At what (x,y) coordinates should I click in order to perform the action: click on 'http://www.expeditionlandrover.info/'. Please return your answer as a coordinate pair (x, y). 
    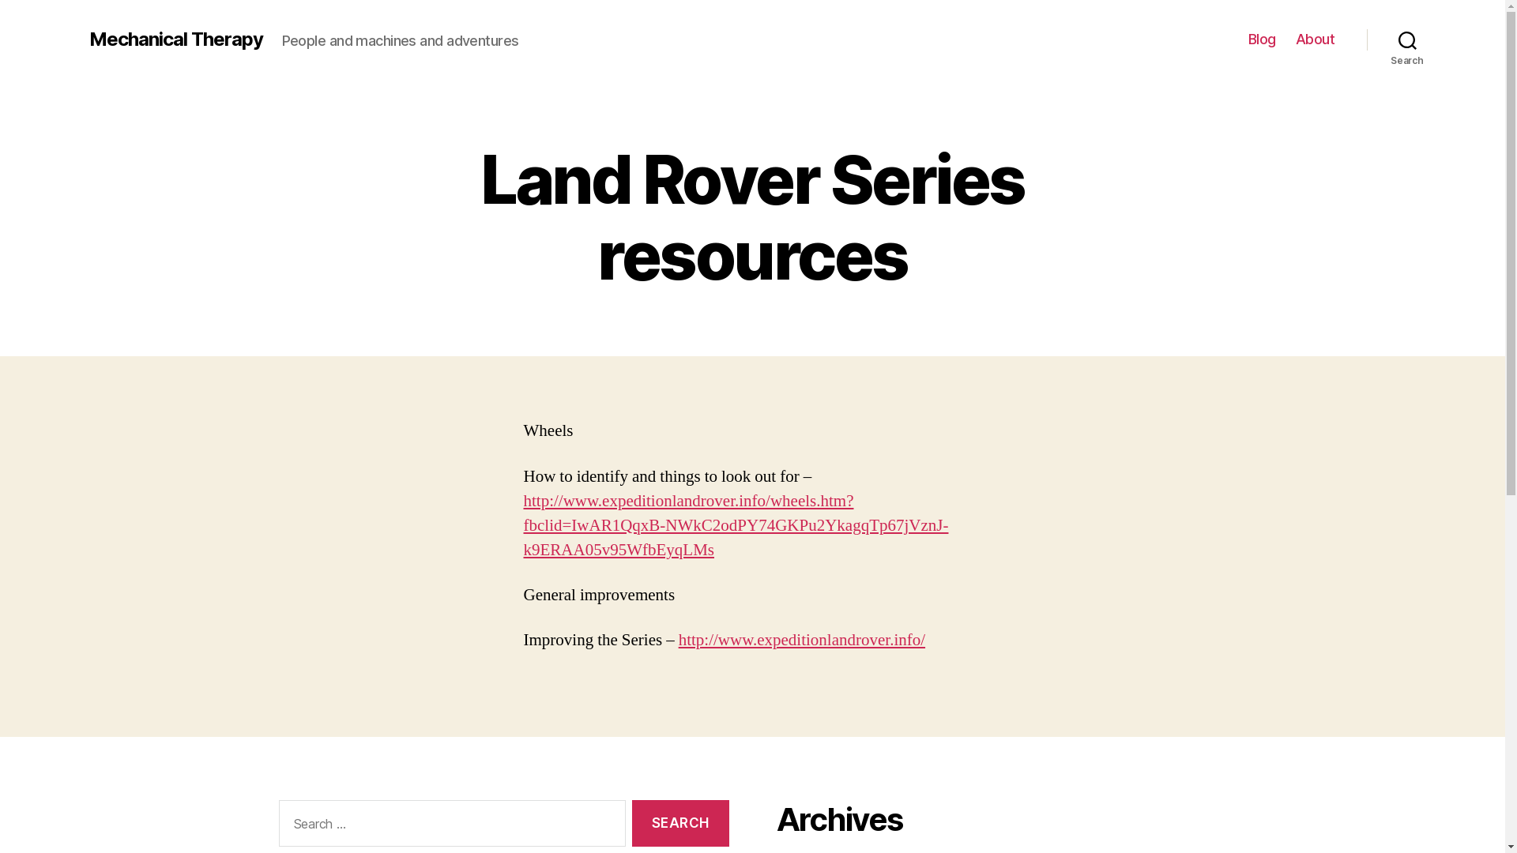
    Looking at the image, I should click on (801, 640).